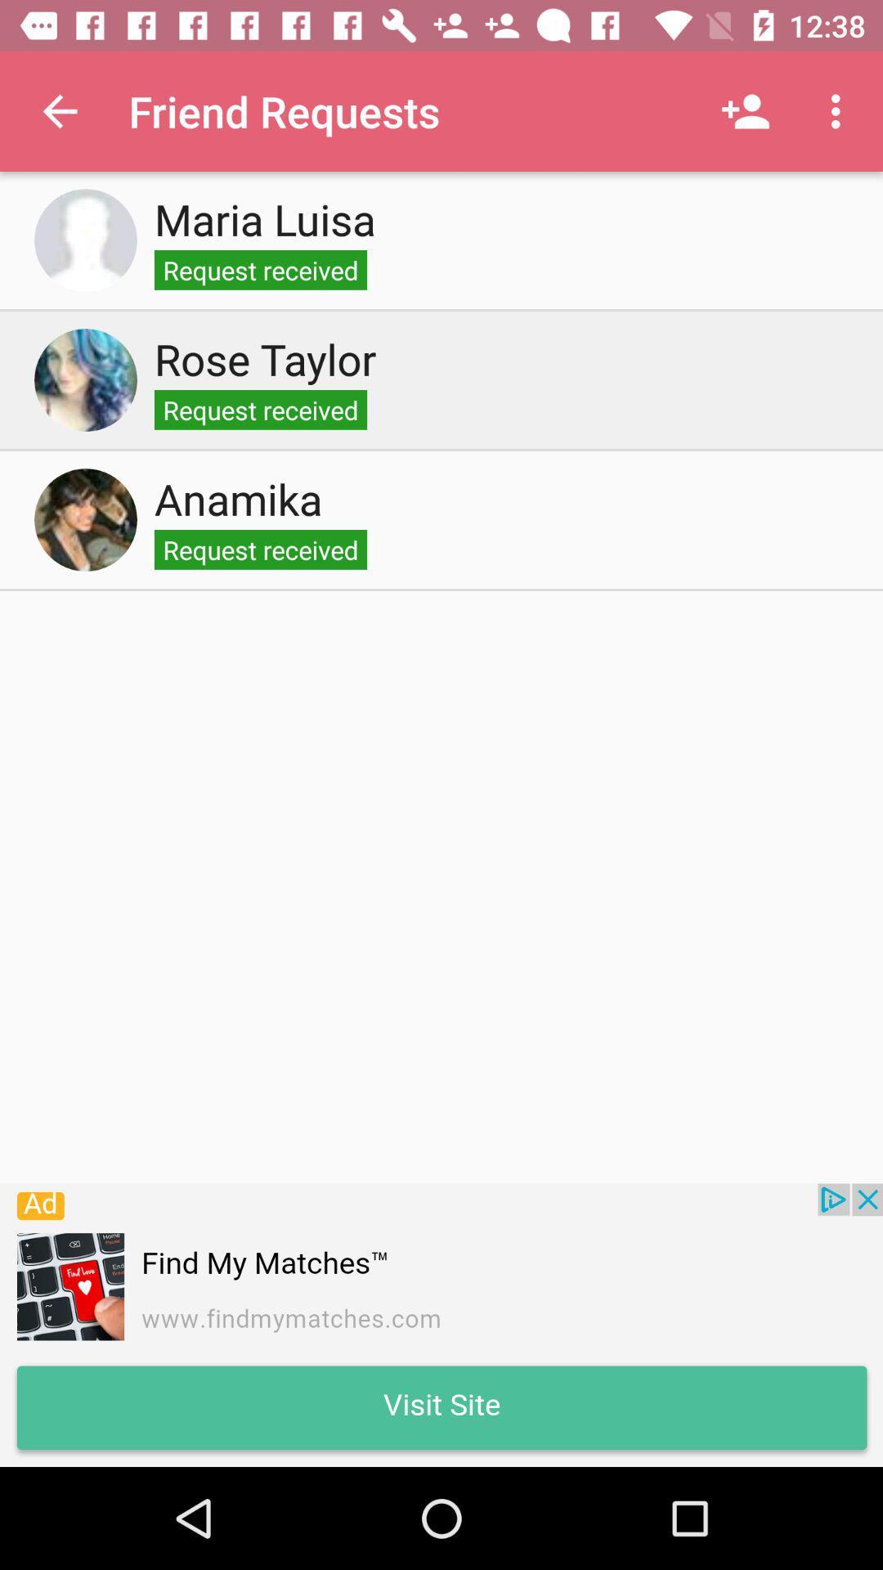 This screenshot has width=883, height=1570. Describe the element at coordinates (85, 519) in the screenshot. I see `see profile` at that location.